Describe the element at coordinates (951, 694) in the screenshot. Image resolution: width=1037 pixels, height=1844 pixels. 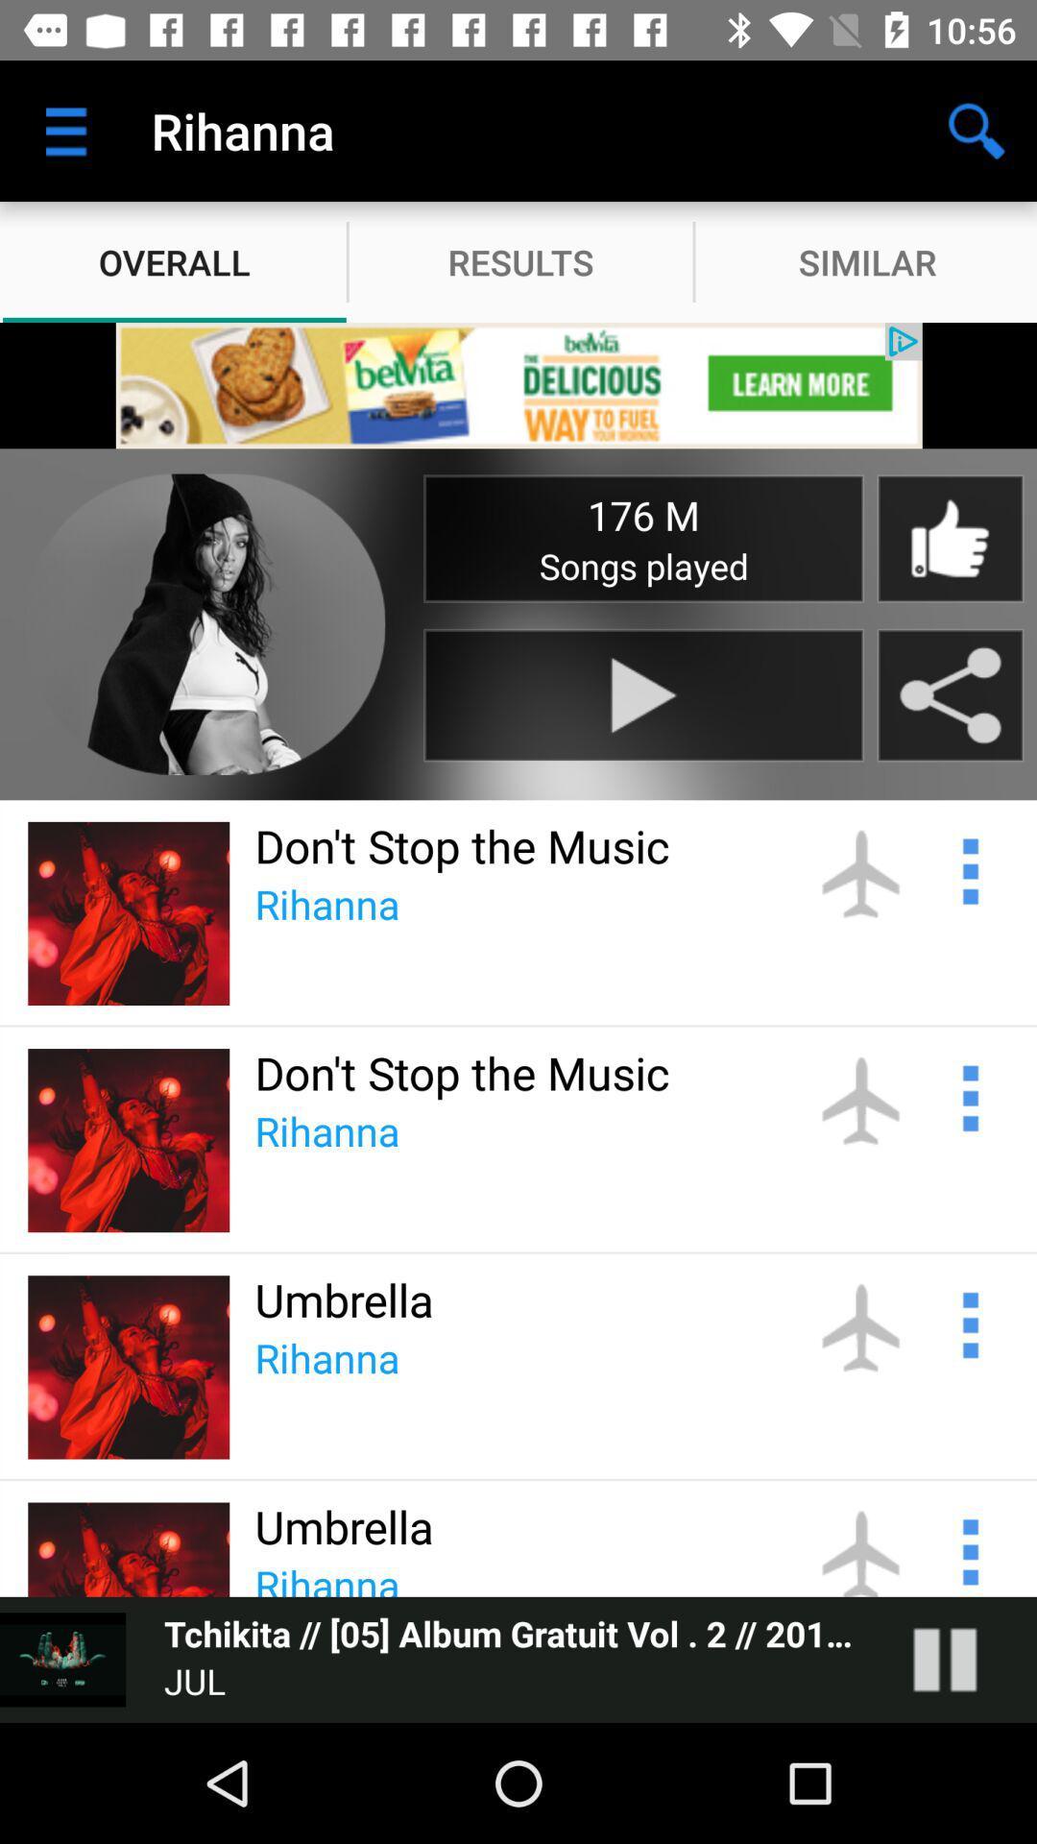
I see `share` at that location.